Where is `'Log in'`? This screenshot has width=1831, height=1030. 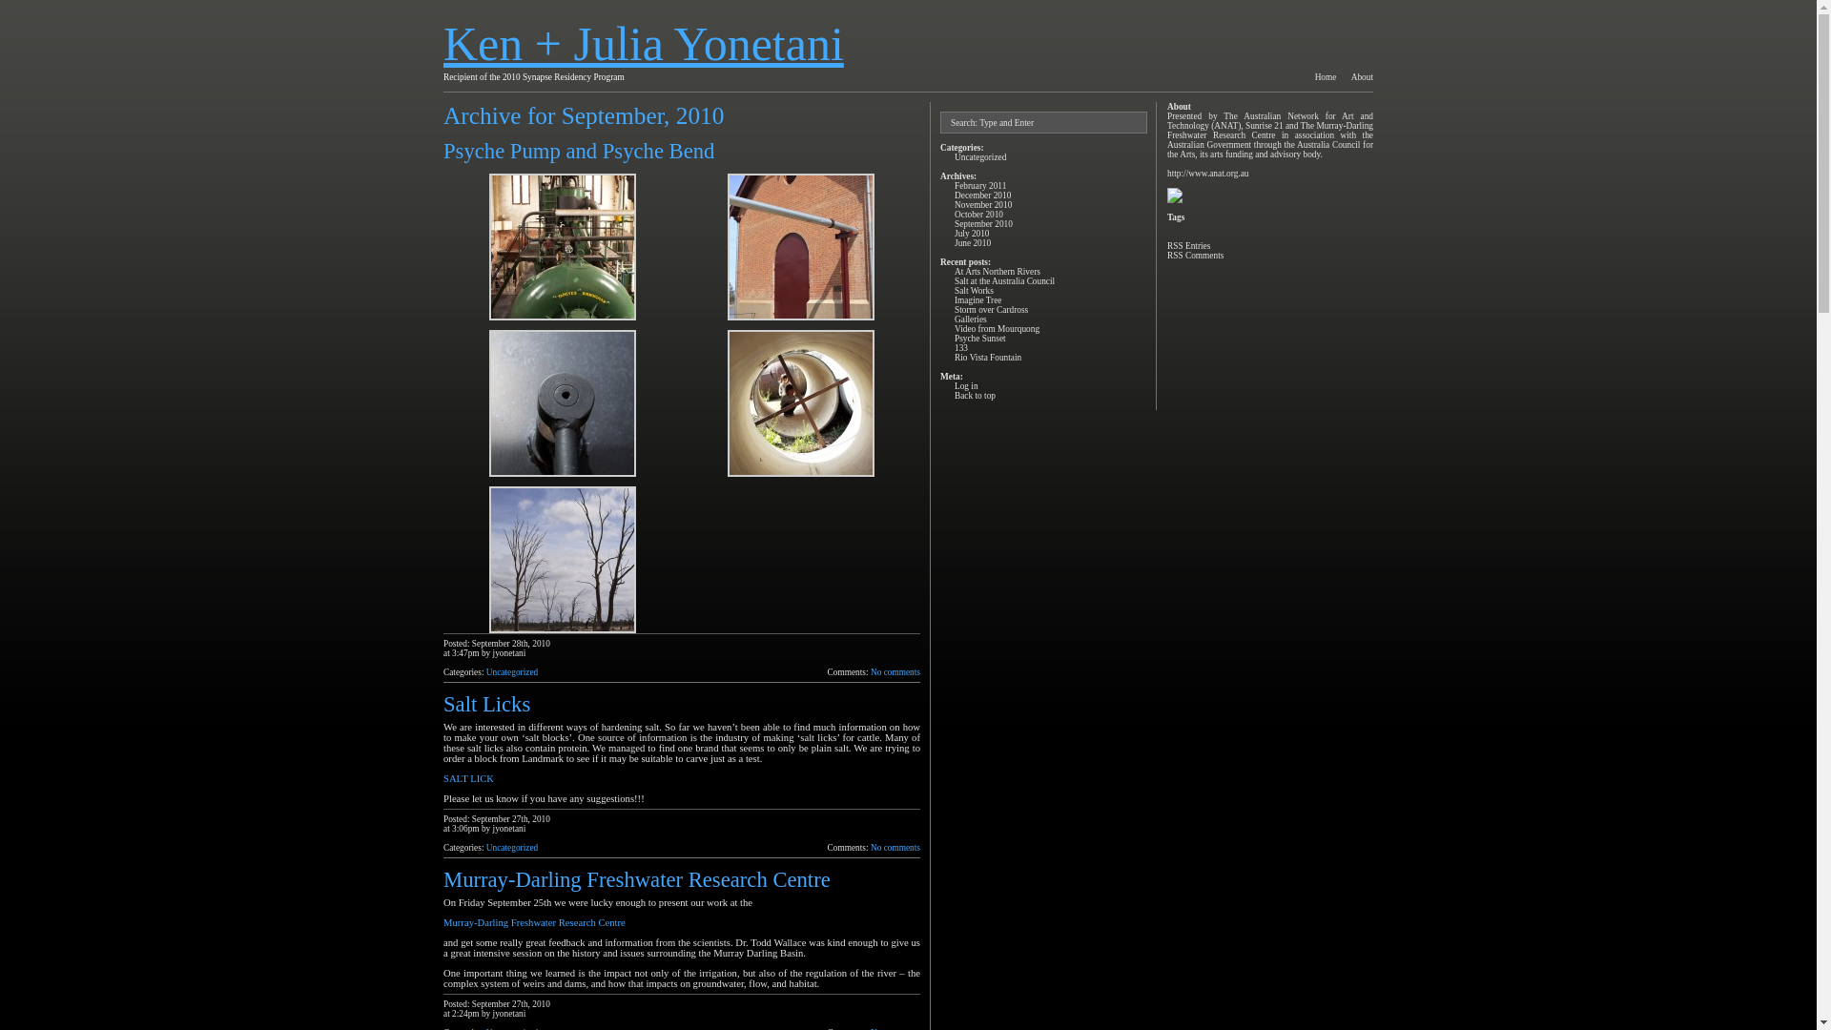
'Log in' is located at coordinates (966, 386).